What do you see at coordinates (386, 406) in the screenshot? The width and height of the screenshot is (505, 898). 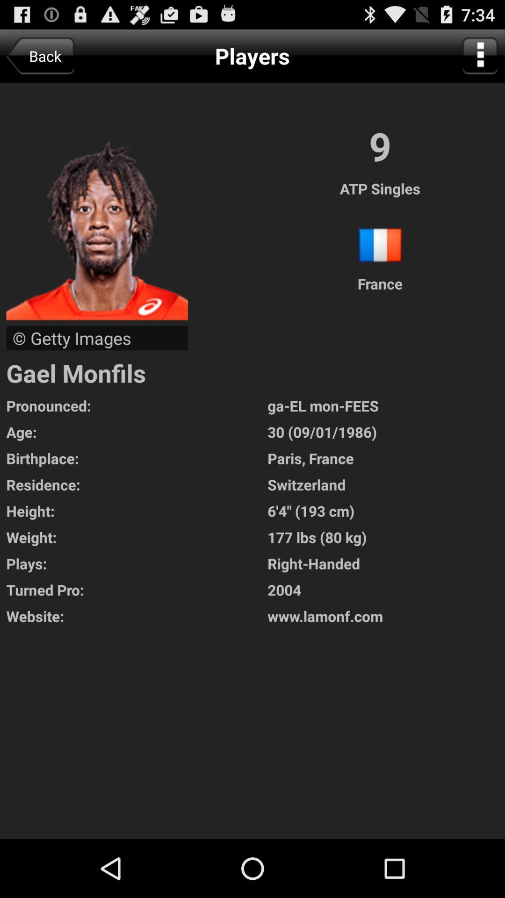 I see `item to the right of the pronounced:` at bounding box center [386, 406].